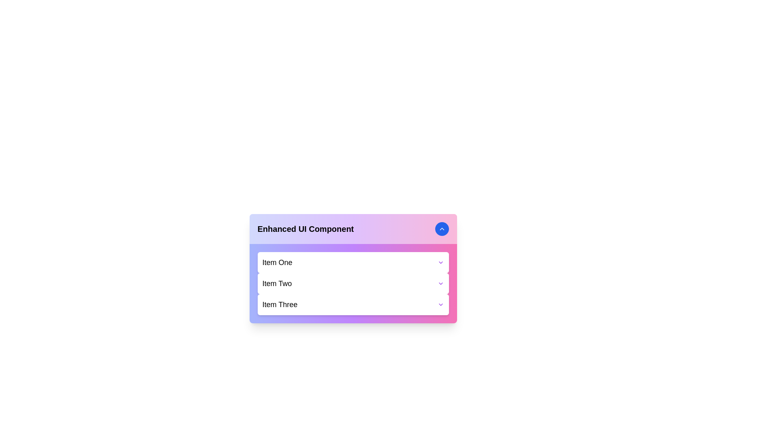 This screenshot has height=437, width=778. What do you see at coordinates (277, 283) in the screenshot?
I see `the static text label 'Item Two' in the dropdown list, which is positioned as the second item between 'Item One' and 'Item Three'` at bounding box center [277, 283].